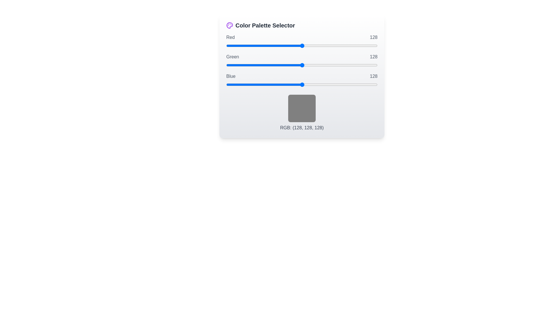  I want to click on the blue slider to set its value to 150, so click(315, 85).